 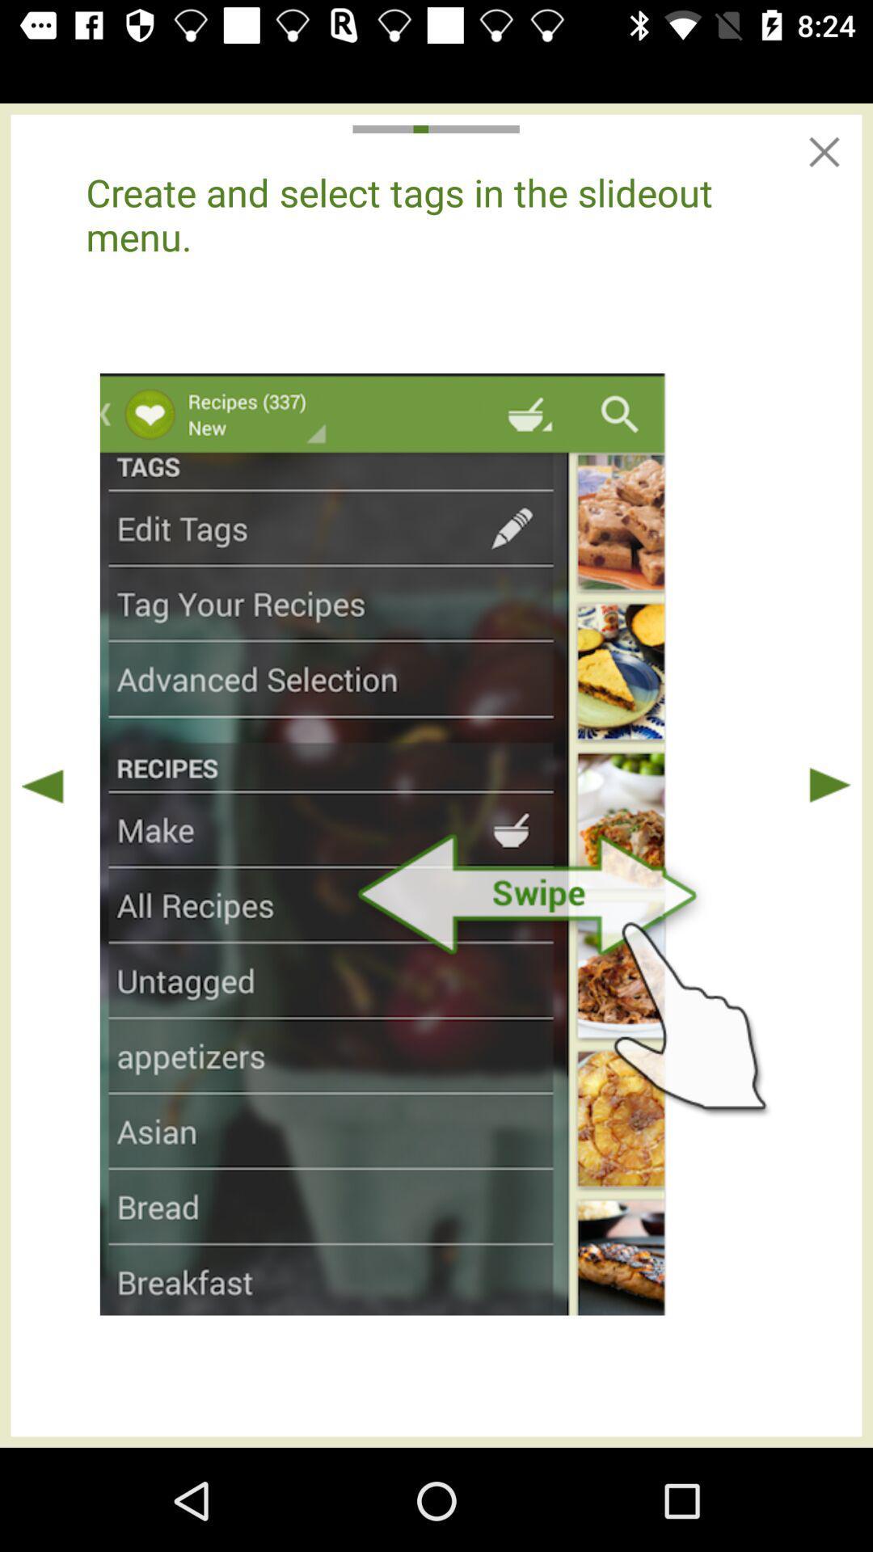 I want to click on go back, so click(x=42, y=785).